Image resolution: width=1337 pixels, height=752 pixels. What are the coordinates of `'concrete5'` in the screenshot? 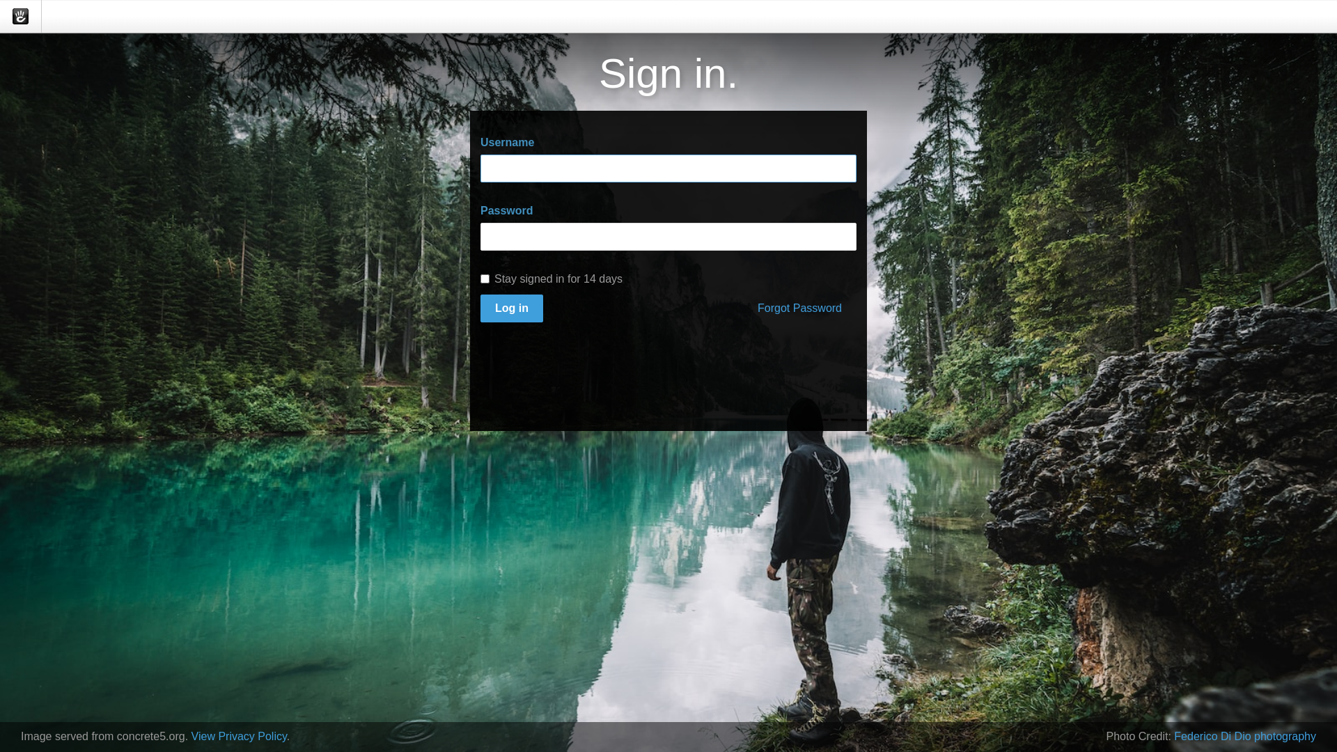 It's located at (20, 16).